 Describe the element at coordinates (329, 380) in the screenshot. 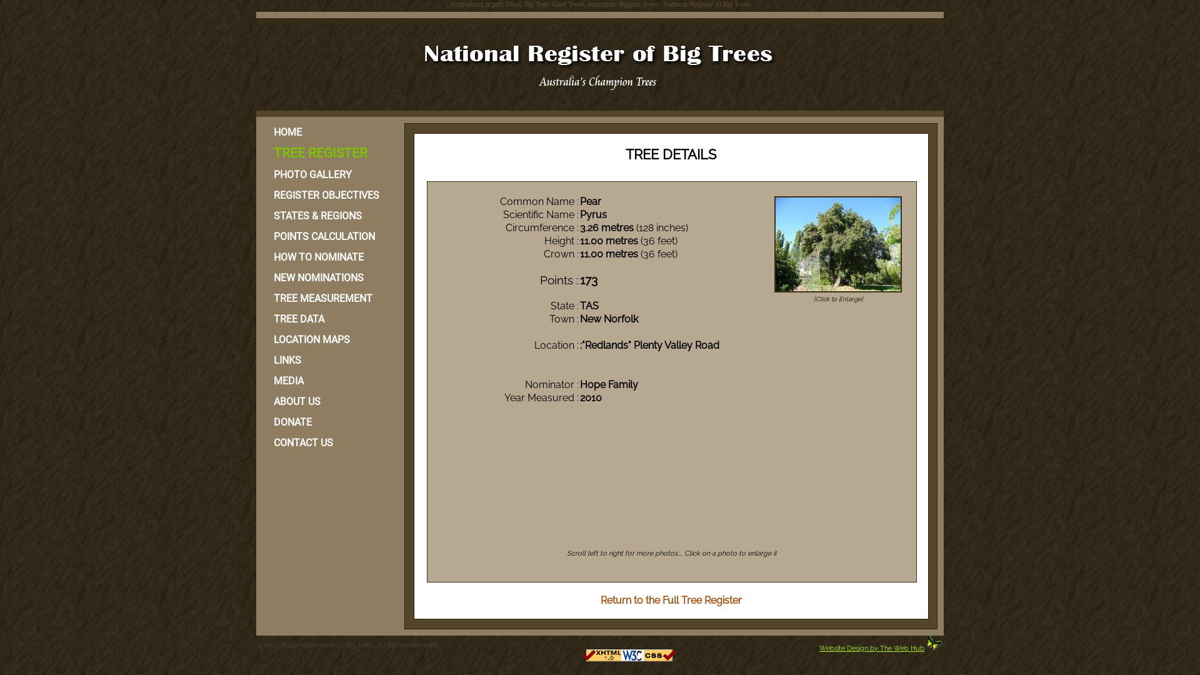

I see `'MEDIA'` at that location.